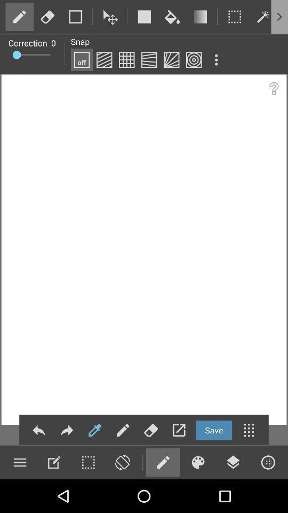 This screenshot has width=288, height=513. I want to click on the edit icon, so click(122, 430).